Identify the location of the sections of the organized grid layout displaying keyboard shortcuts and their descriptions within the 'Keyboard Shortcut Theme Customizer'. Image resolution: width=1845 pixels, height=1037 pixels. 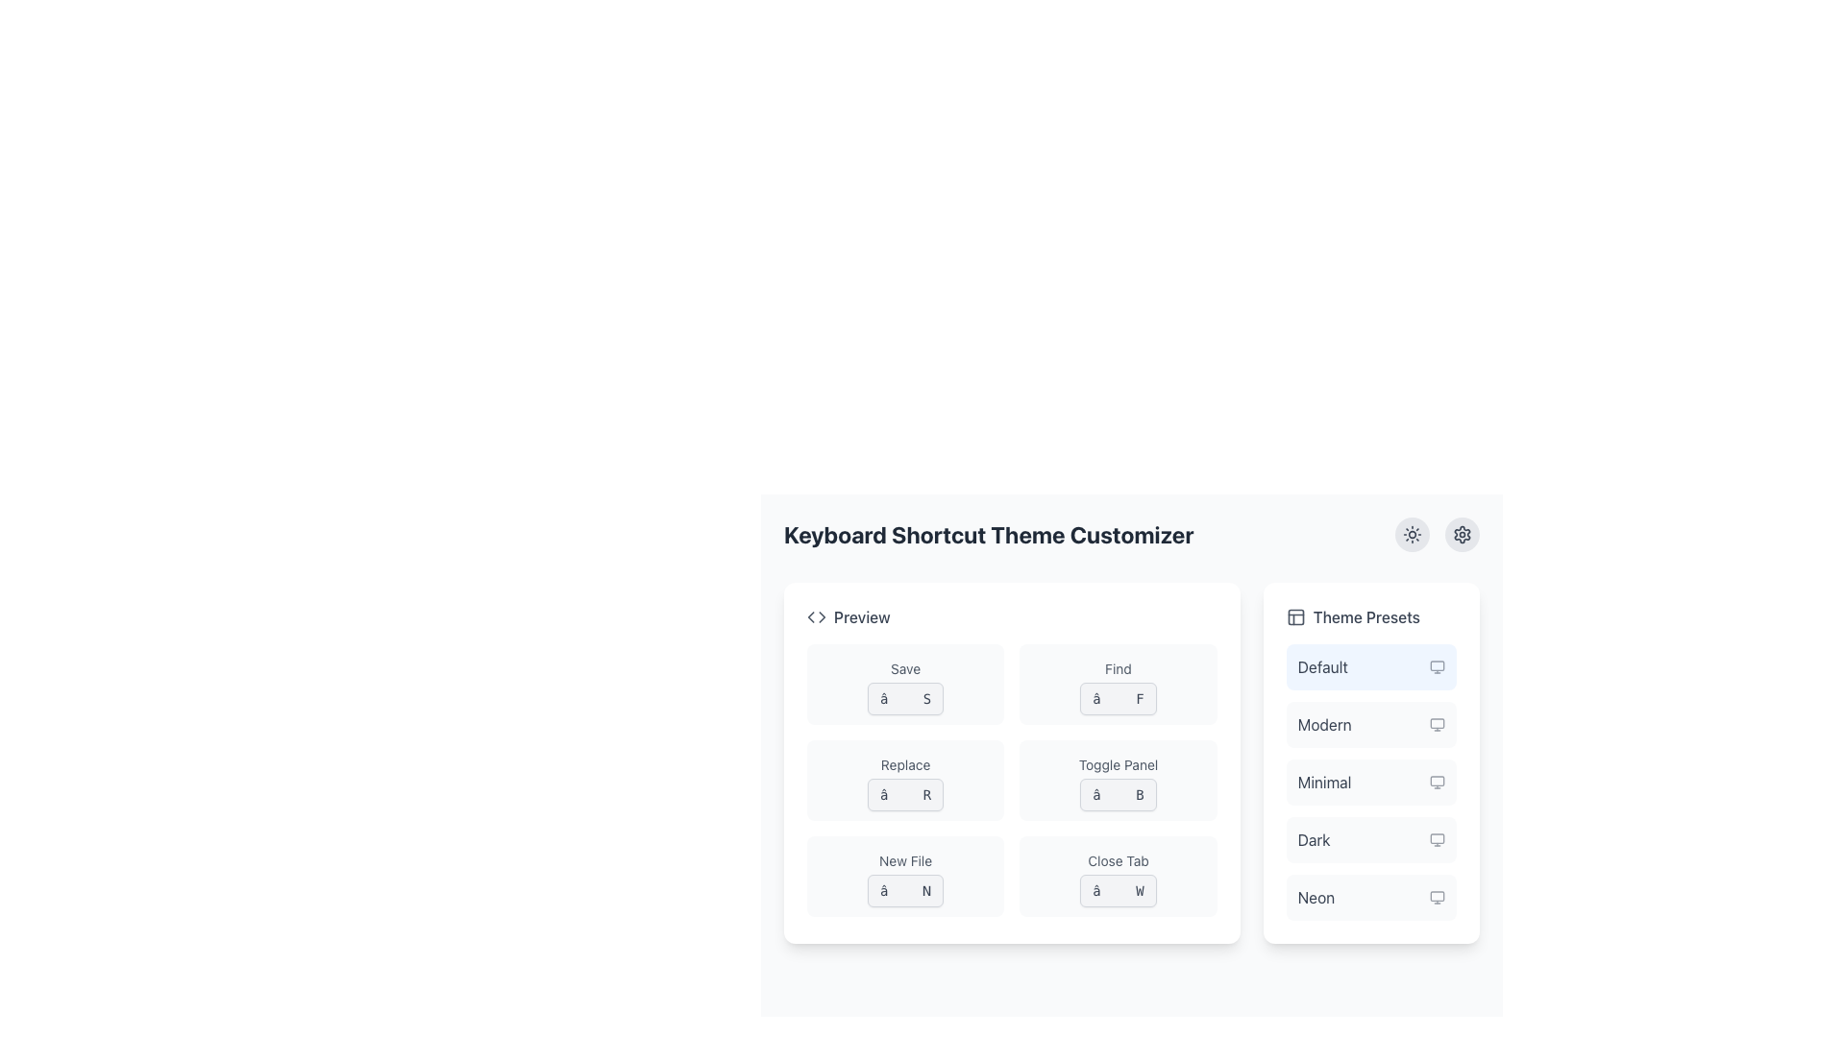
(1131, 761).